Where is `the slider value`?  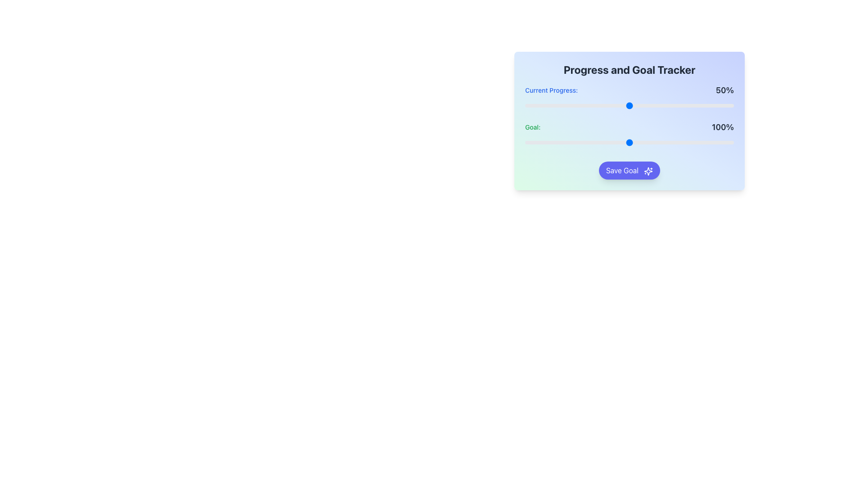
the slider value is located at coordinates (576, 142).